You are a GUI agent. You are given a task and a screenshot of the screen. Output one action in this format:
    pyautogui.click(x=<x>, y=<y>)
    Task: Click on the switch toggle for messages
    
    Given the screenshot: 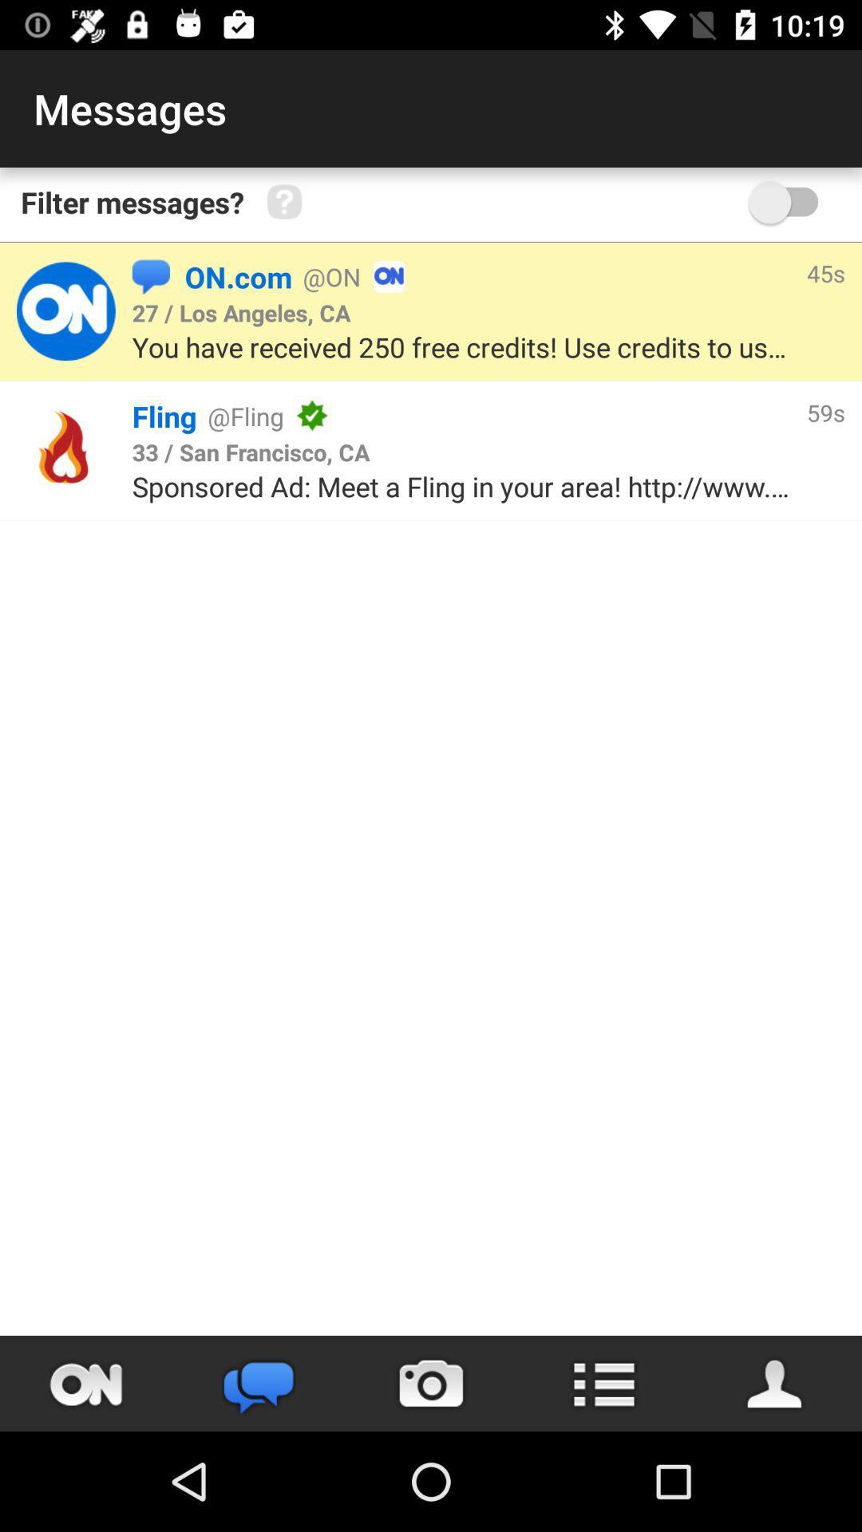 What is the action you would take?
    pyautogui.click(x=791, y=201)
    